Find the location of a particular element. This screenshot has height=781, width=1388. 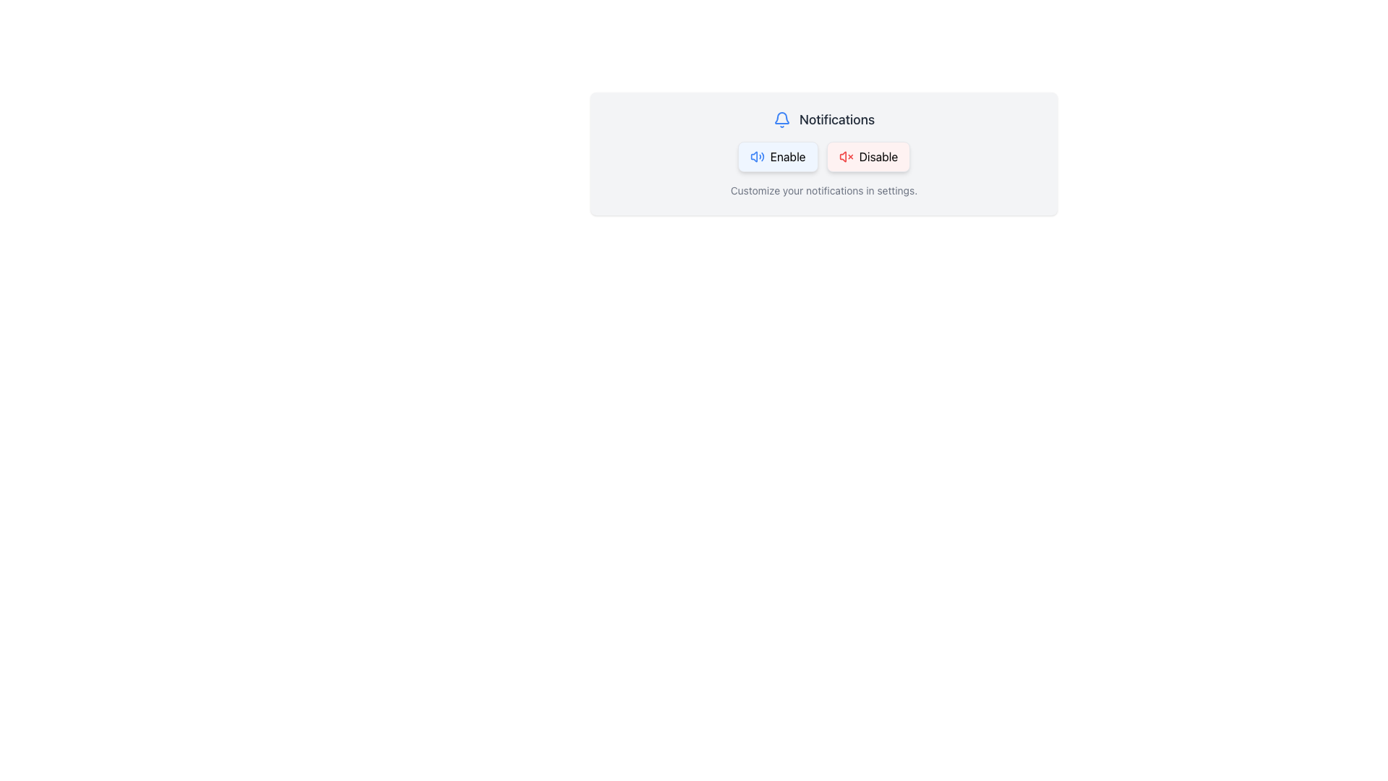

the small speaker icon with a red 'X' indicating a muted state, located inside the red 'Disable' button is located at coordinates (846, 156).